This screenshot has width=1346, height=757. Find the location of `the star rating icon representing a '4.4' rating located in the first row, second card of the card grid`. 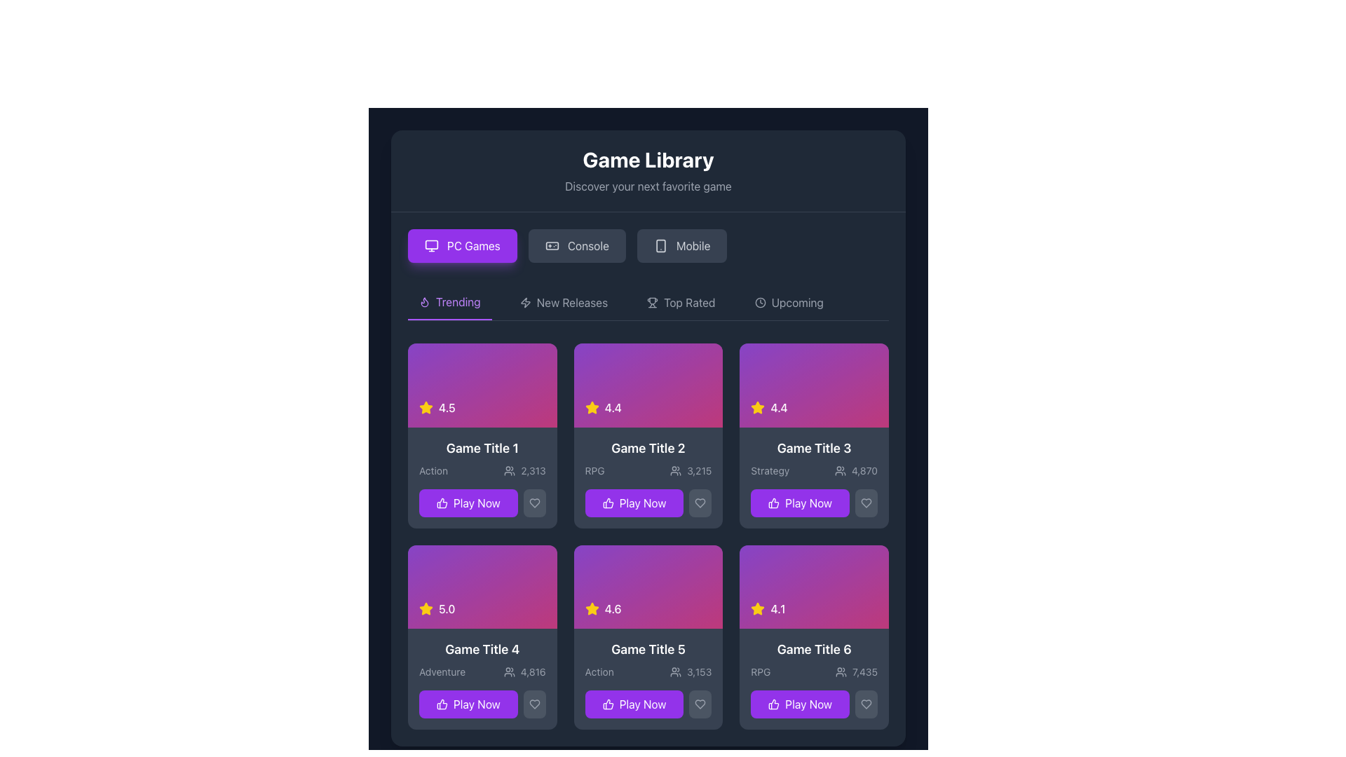

the star rating icon representing a '4.4' rating located in the first row, second card of the card grid is located at coordinates (592, 407).